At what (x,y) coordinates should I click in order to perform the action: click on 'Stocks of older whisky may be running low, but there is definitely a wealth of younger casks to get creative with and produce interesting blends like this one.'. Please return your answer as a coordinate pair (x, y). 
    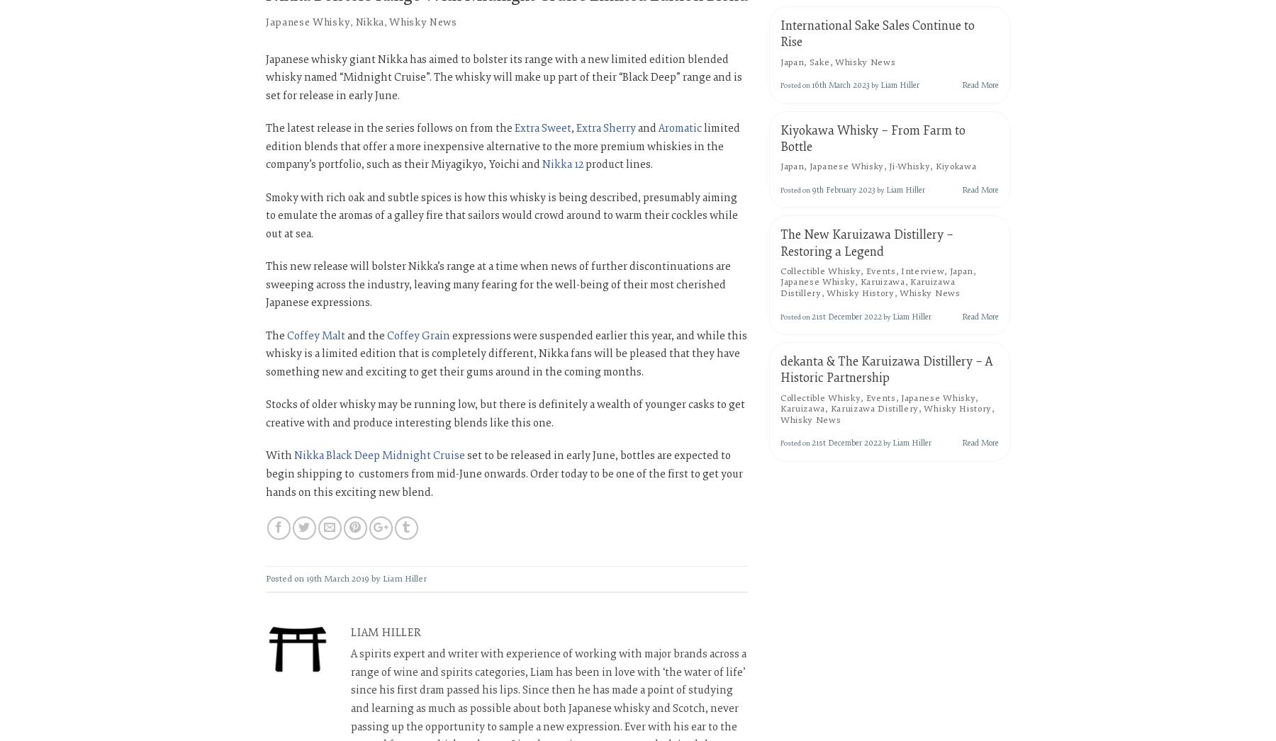
    Looking at the image, I should click on (504, 414).